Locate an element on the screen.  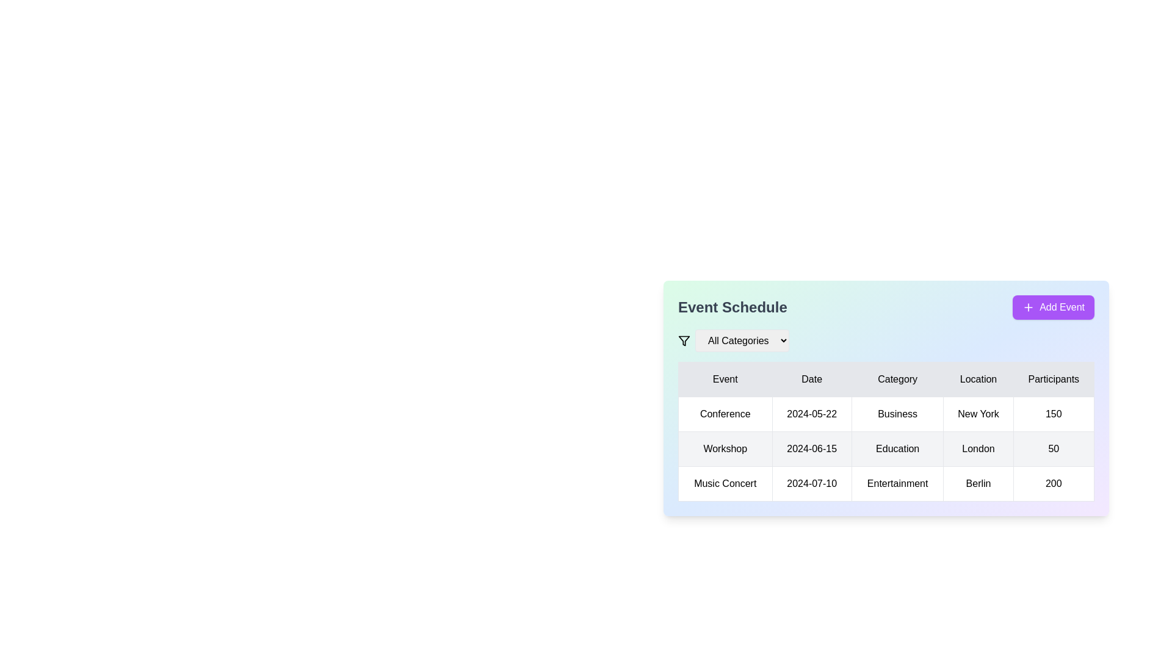
the text label indicating the number of participants registered for the 'Workshop' event in the 'Participants' column of the table for the workshop in London on June 15, 2024 is located at coordinates (1053, 449).